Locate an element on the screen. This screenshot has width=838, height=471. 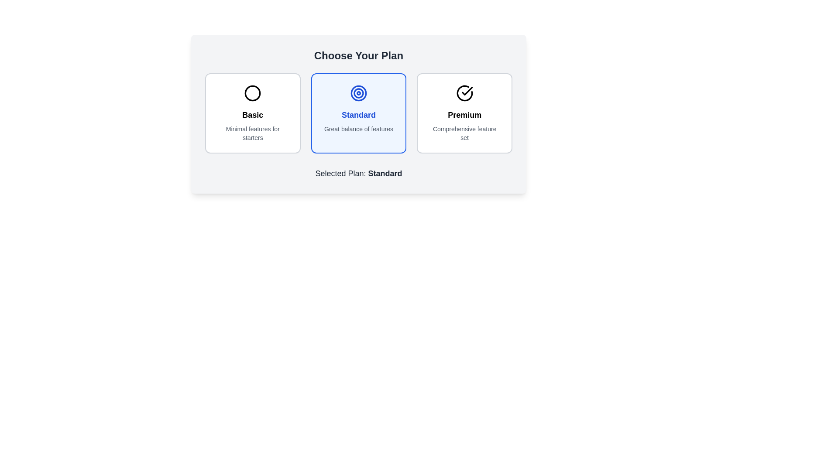
the blue text label displaying 'Standard' which is positioned in the middle card of three options, centered below a circular icon and above descriptive text is located at coordinates (358, 114).